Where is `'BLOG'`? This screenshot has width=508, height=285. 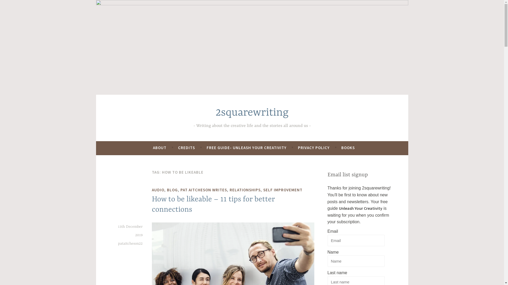
'BLOG' is located at coordinates (172, 190).